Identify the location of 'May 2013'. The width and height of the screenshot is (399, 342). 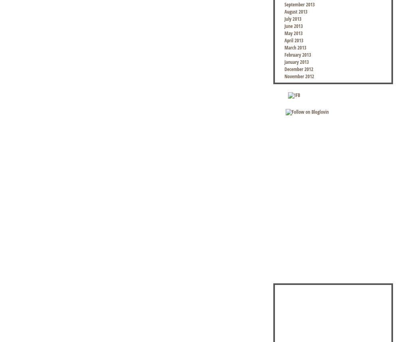
(293, 33).